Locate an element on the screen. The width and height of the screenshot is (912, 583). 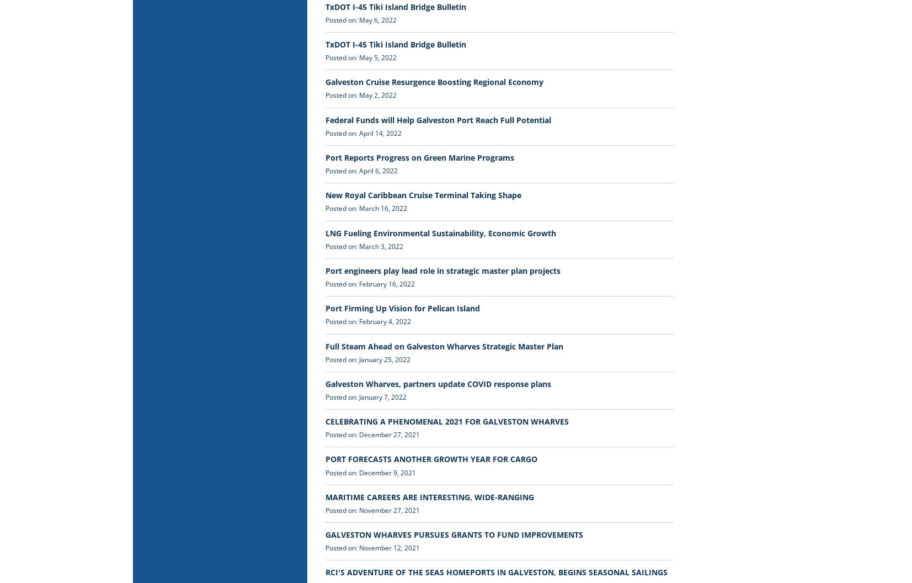
'Port Firming Up Vision for Pelican Island' is located at coordinates (402, 308).